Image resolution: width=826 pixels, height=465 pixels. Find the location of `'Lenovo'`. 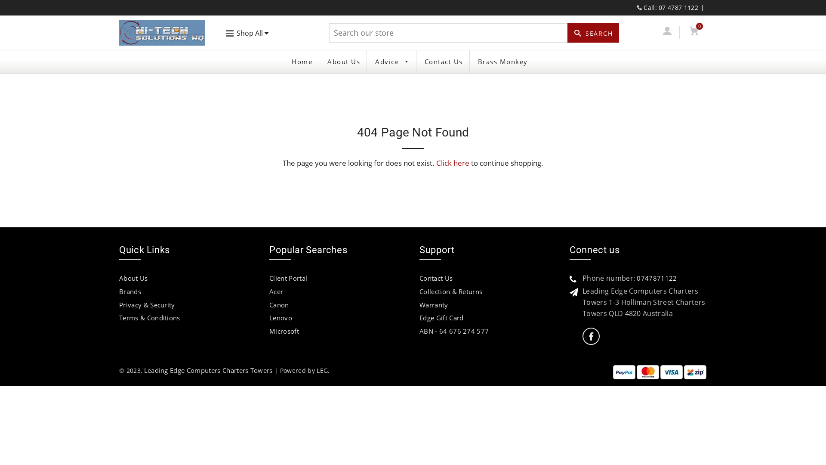

'Lenovo' is located at coordinates (280, 317).